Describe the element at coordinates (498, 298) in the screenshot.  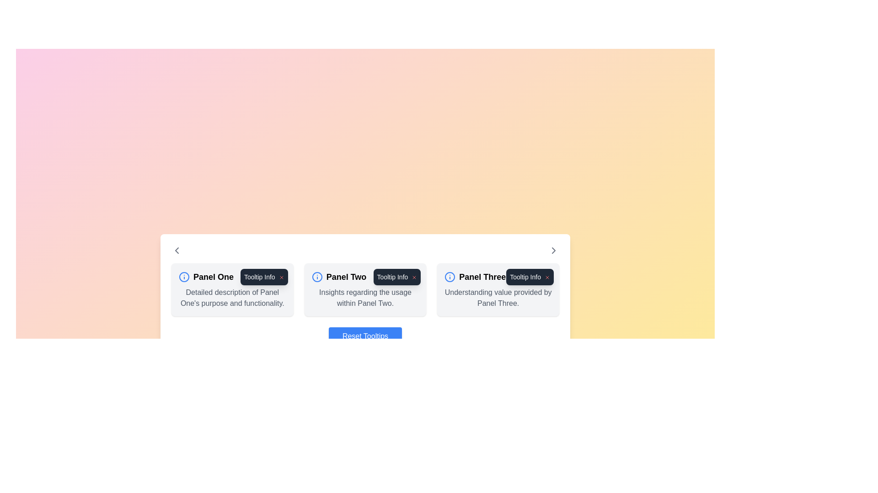
I see `the informative static text description related to 'Panel Three' located at the center-bottom area of the card` at that location.